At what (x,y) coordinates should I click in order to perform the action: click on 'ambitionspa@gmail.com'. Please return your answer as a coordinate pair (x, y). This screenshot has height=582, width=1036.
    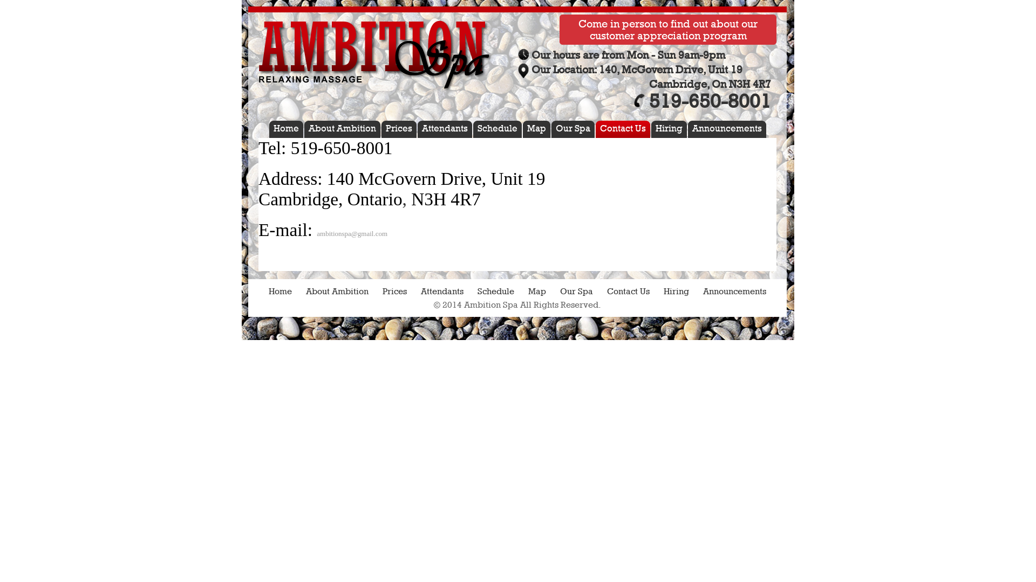
    Looking at the image, I should click on (352, 233).